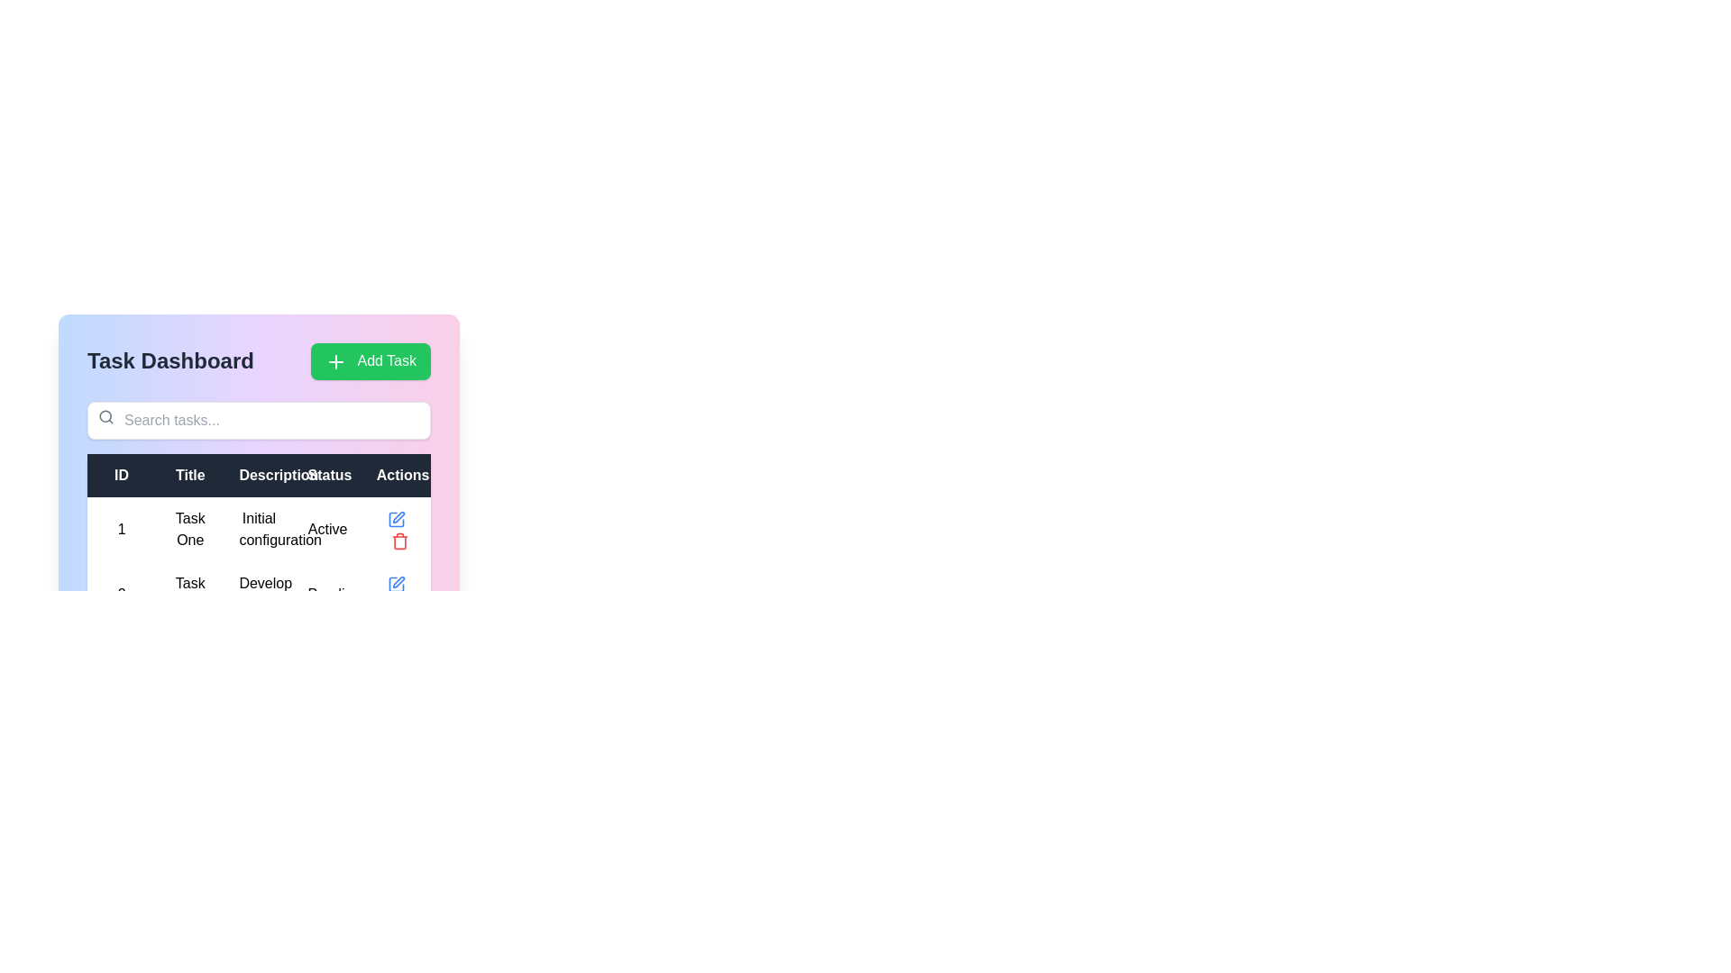 The image size is (1731, 973). I want to click on the SVG icon within the 'Add Task' button, which is located at the top-right of the interface and has a green background, so click(335, 361).